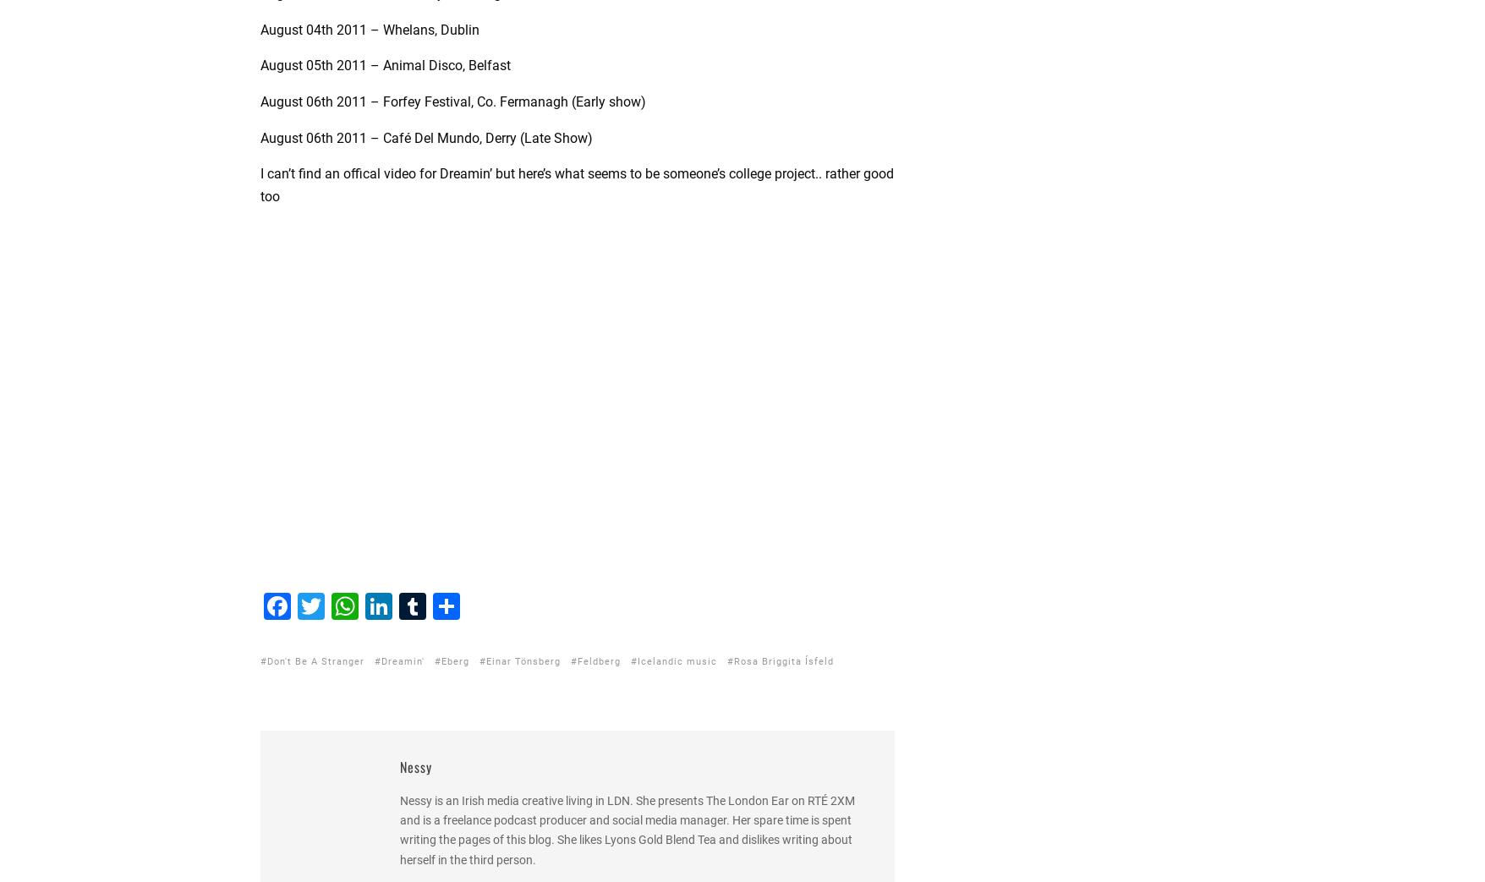 The image size is (1485, 882). What do you see at coordinates (441, 660) in the screenshot?
I see `'Eberg'` at bounding box center [441, 660].